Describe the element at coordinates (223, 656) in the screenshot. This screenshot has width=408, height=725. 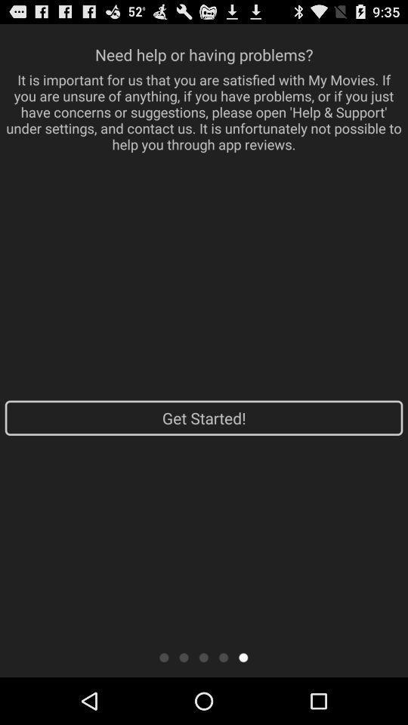
I see `a page of the tutorial` at that location.